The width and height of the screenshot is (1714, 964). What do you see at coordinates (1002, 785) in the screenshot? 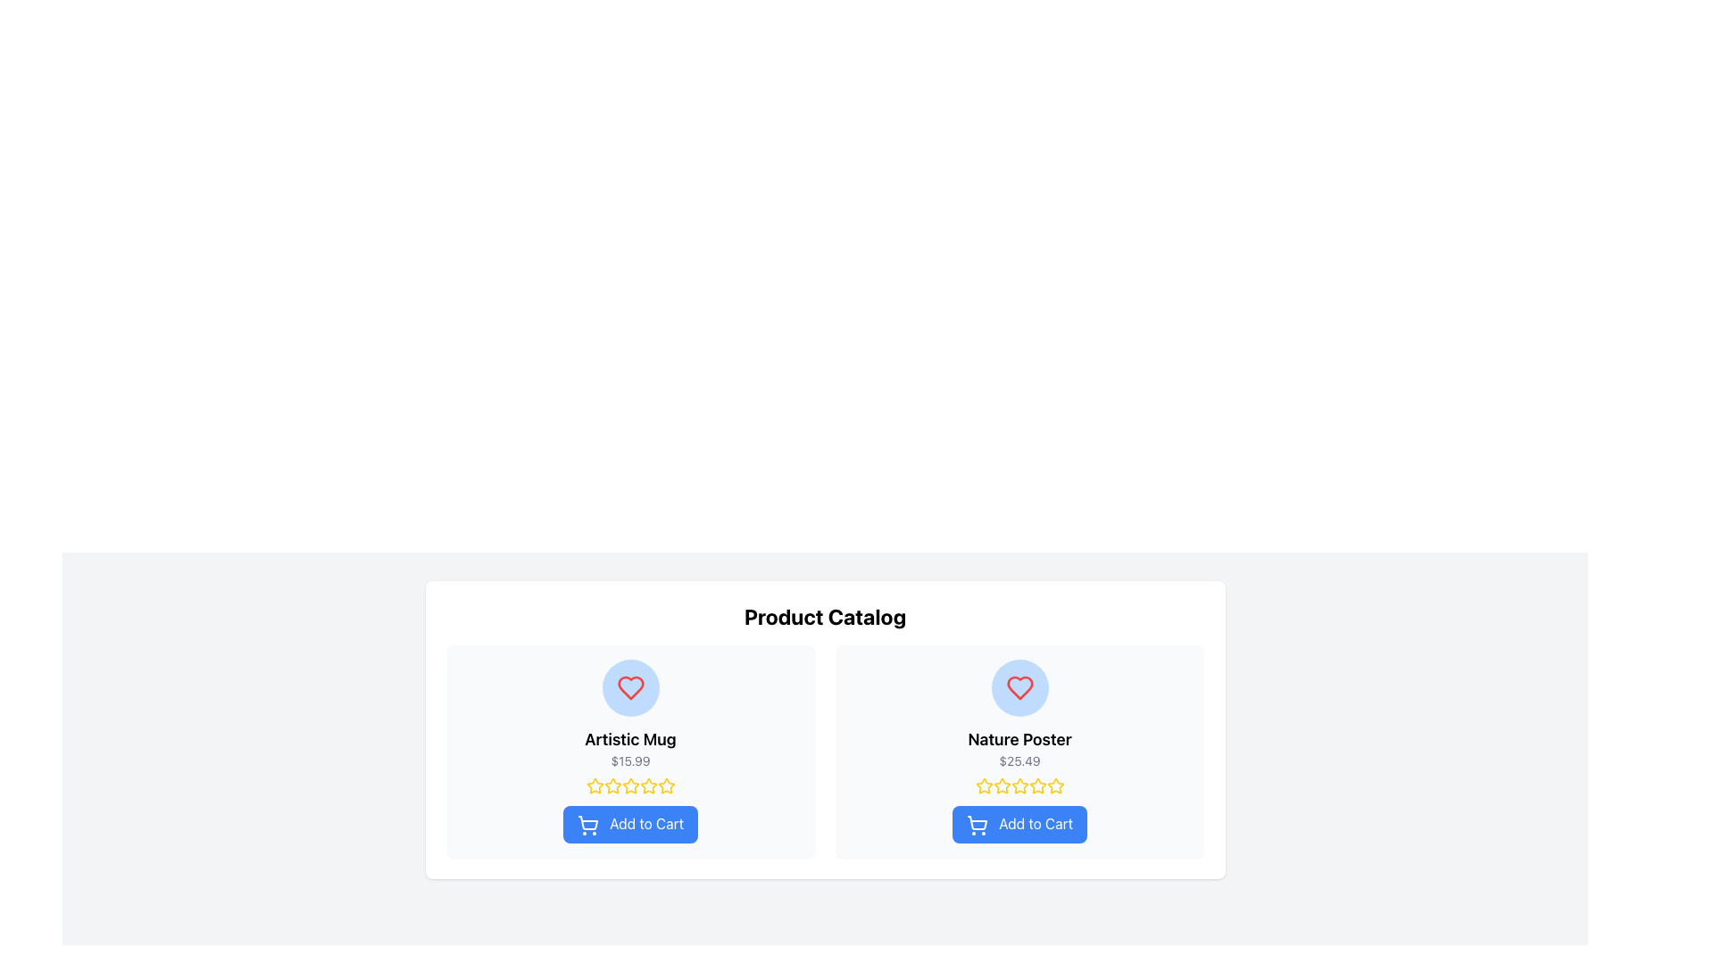
I see `the yellow star icon under the 'Nature Poster' product` at bounding box center [1002, 785].